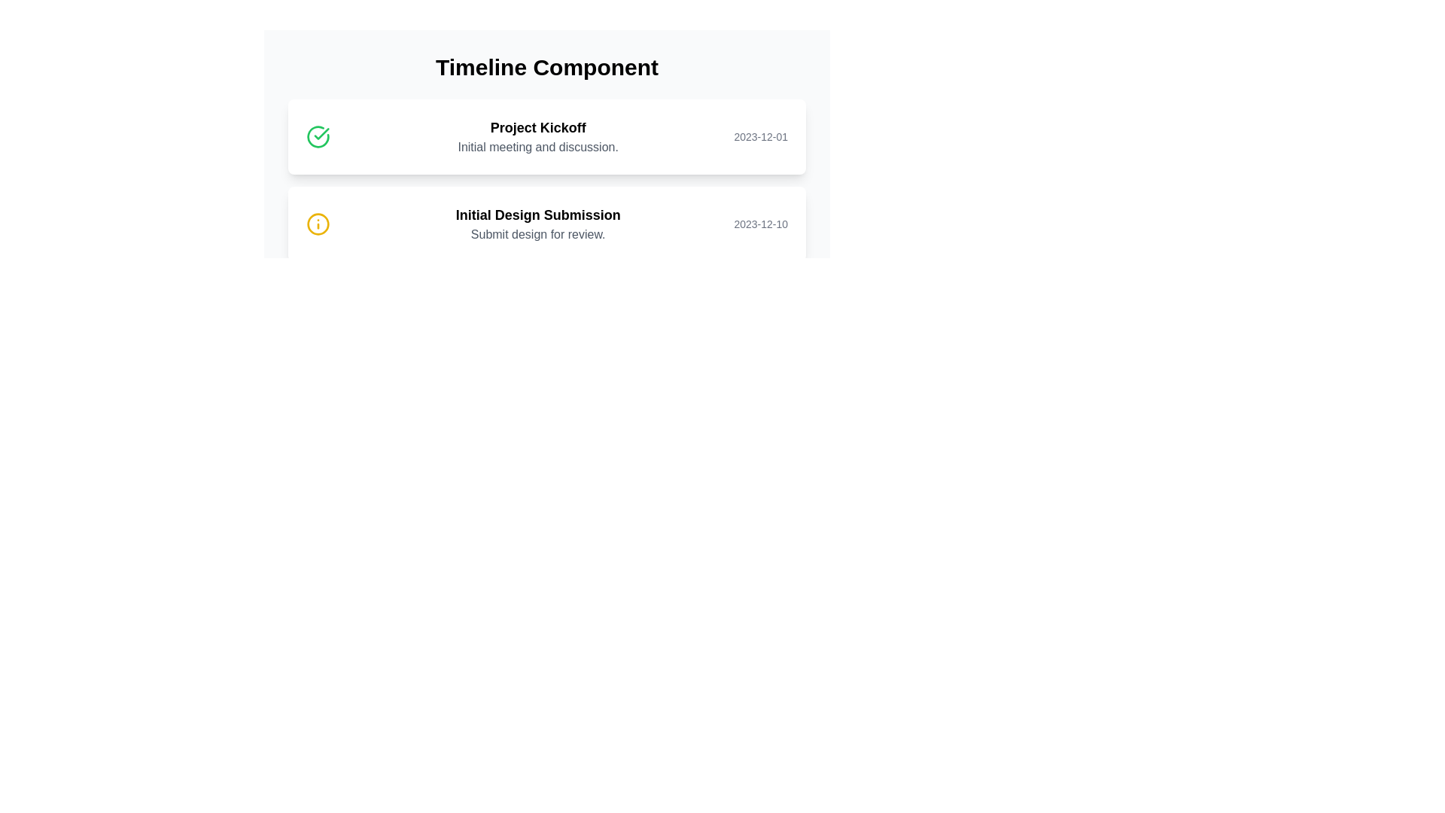 The width and height of the screenshot is (1445, 813). What do you see at coordinates (546, 136) in the screenshot?
I see `the timeline event card representing the 'Project Kickoff' meeting` at bounding box center [546, 136].